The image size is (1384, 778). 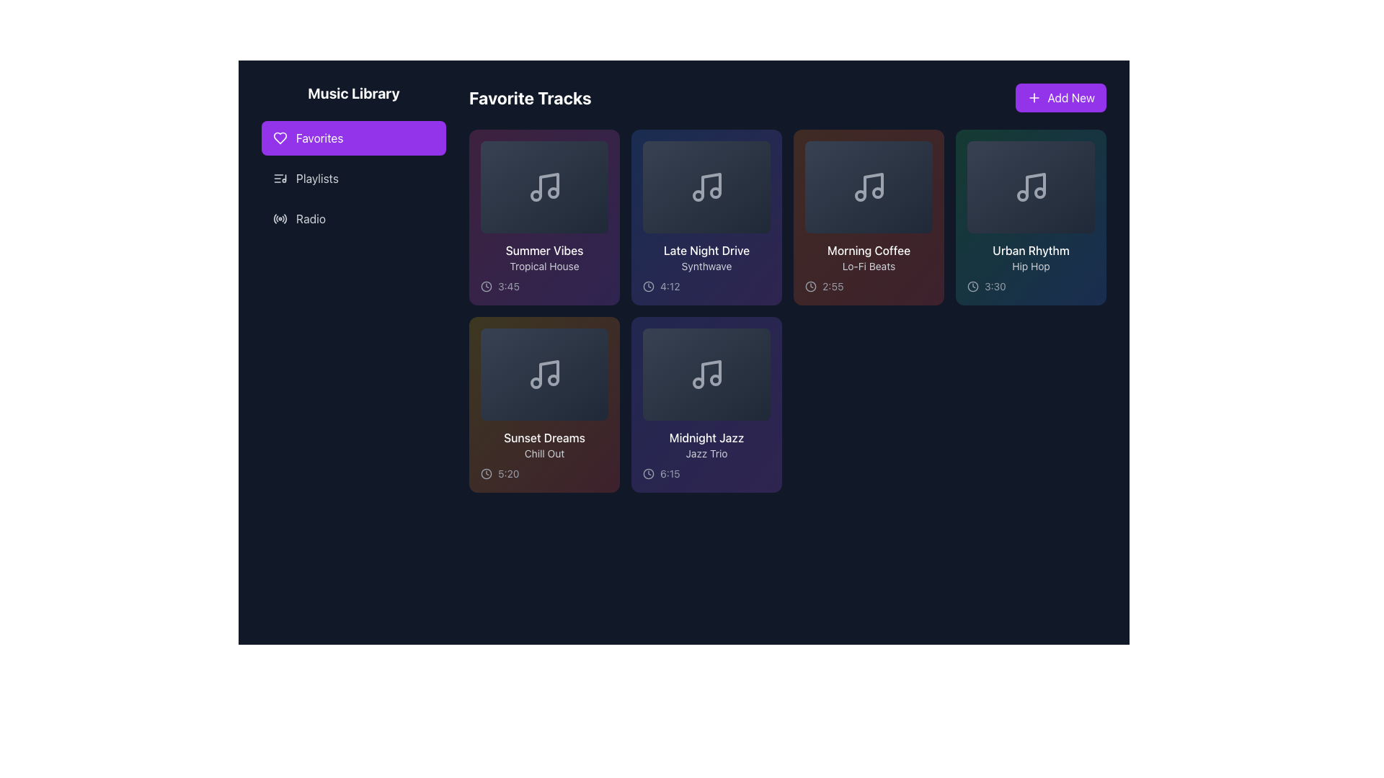 I want to click on the 'Radio' text label, which is styled in light gray and positioned next to a radio wave icon, so click(x=310, y=219).